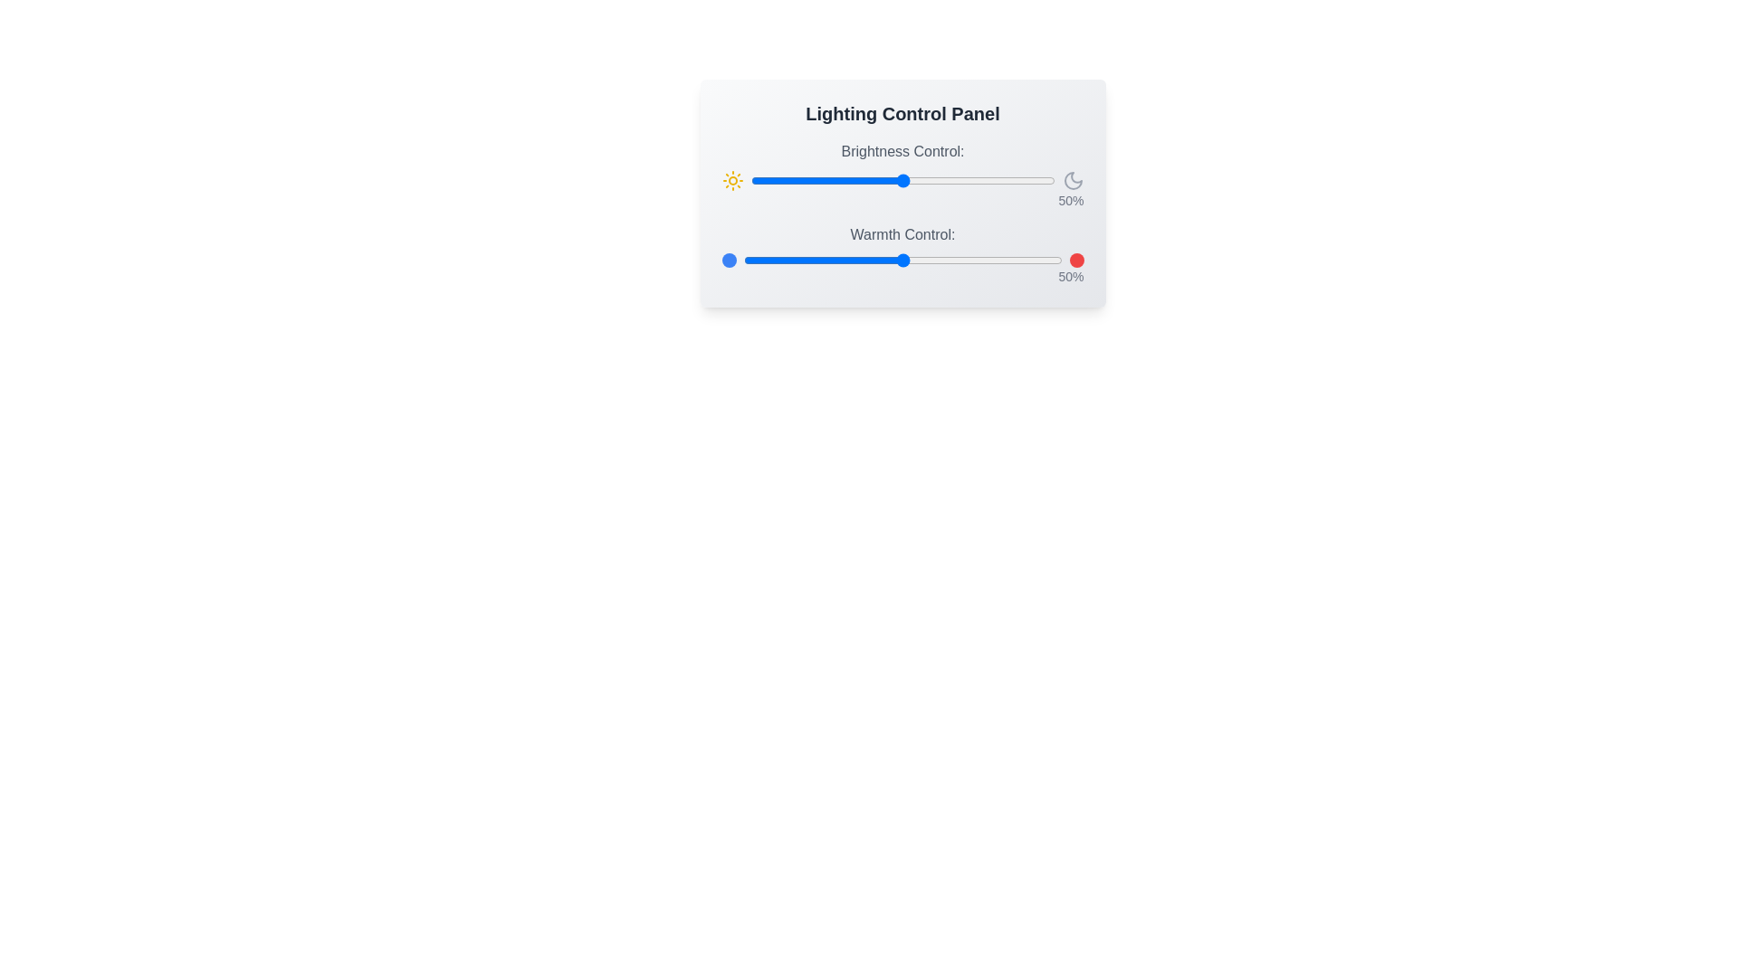 Image resolution: width=1738 pixels, height=977 pixels. Describe the element at coordinates (1007, 261) in the screenshot. I see `the warmth level` at that location.